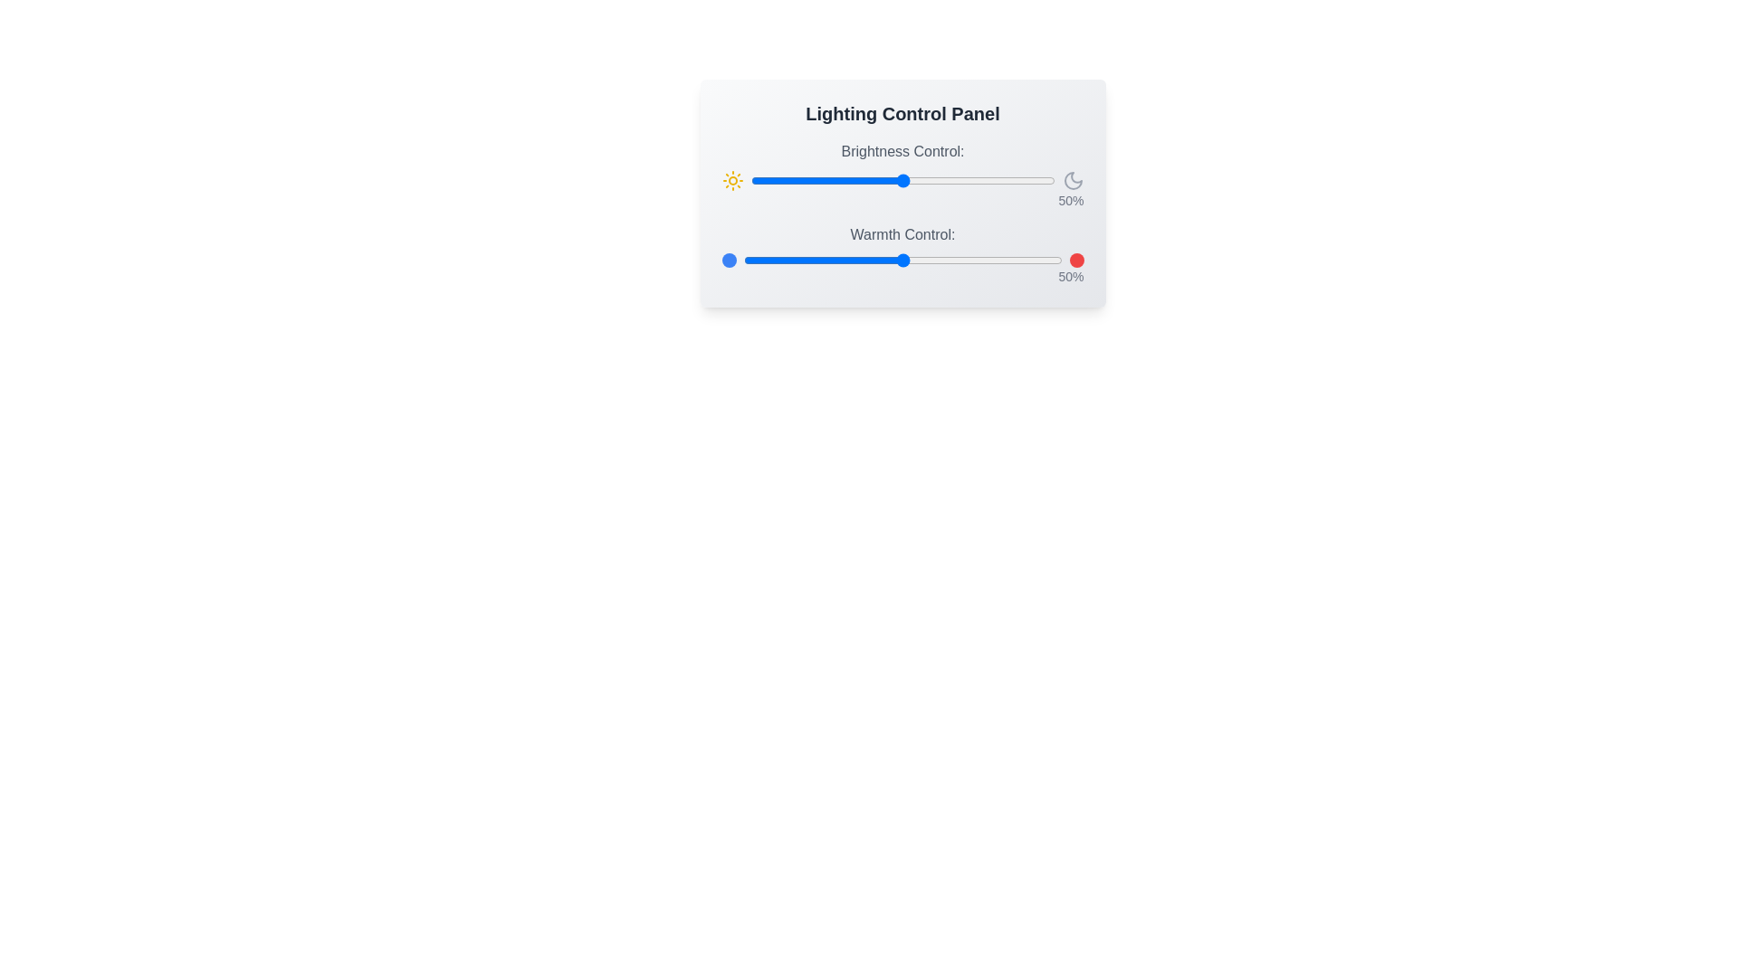 Image resolution: width=1738 pixels, height=977 pixels. Describe the element at coordinates (1007, 261) in the screenshot. I see `the warmth level` at that location.